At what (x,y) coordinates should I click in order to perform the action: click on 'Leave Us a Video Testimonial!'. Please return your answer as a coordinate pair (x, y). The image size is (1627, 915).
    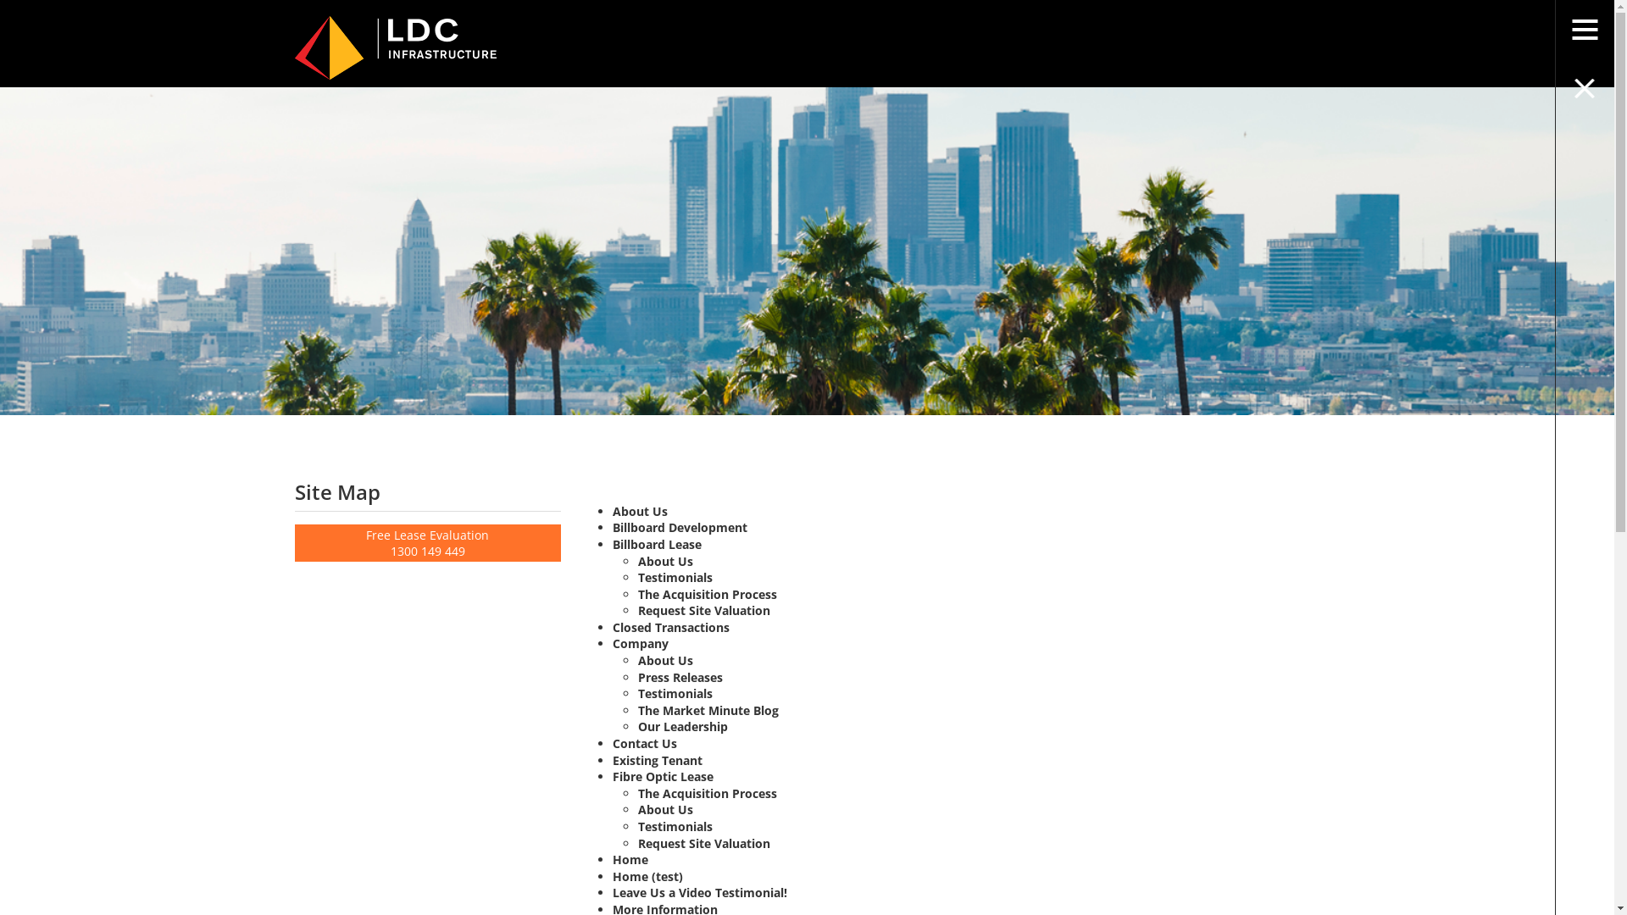
    Looking at the image, I should click on (699, 891).